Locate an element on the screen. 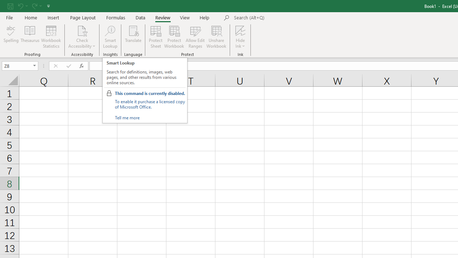  'Thesaurus...' is located at coordinates (29, 37).